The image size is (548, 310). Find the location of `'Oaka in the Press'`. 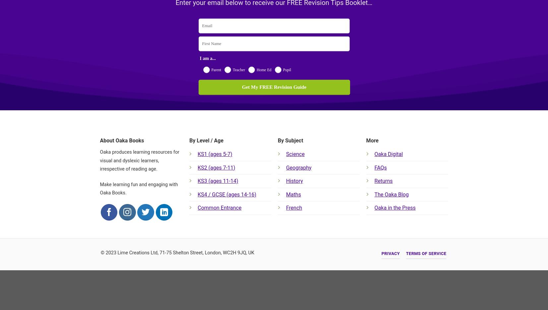

'Oaka in the Press' is located at coordinates (395, 207).